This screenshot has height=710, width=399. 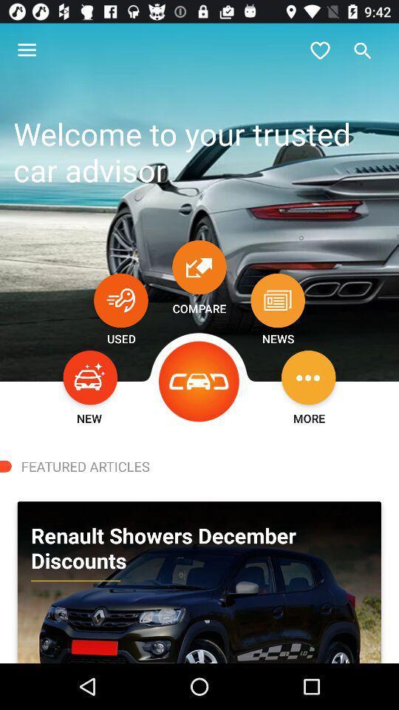 What do you see at coordinates (120, 300) in the screenshot?
I see `search used cars` at bounding box center [120, 300].